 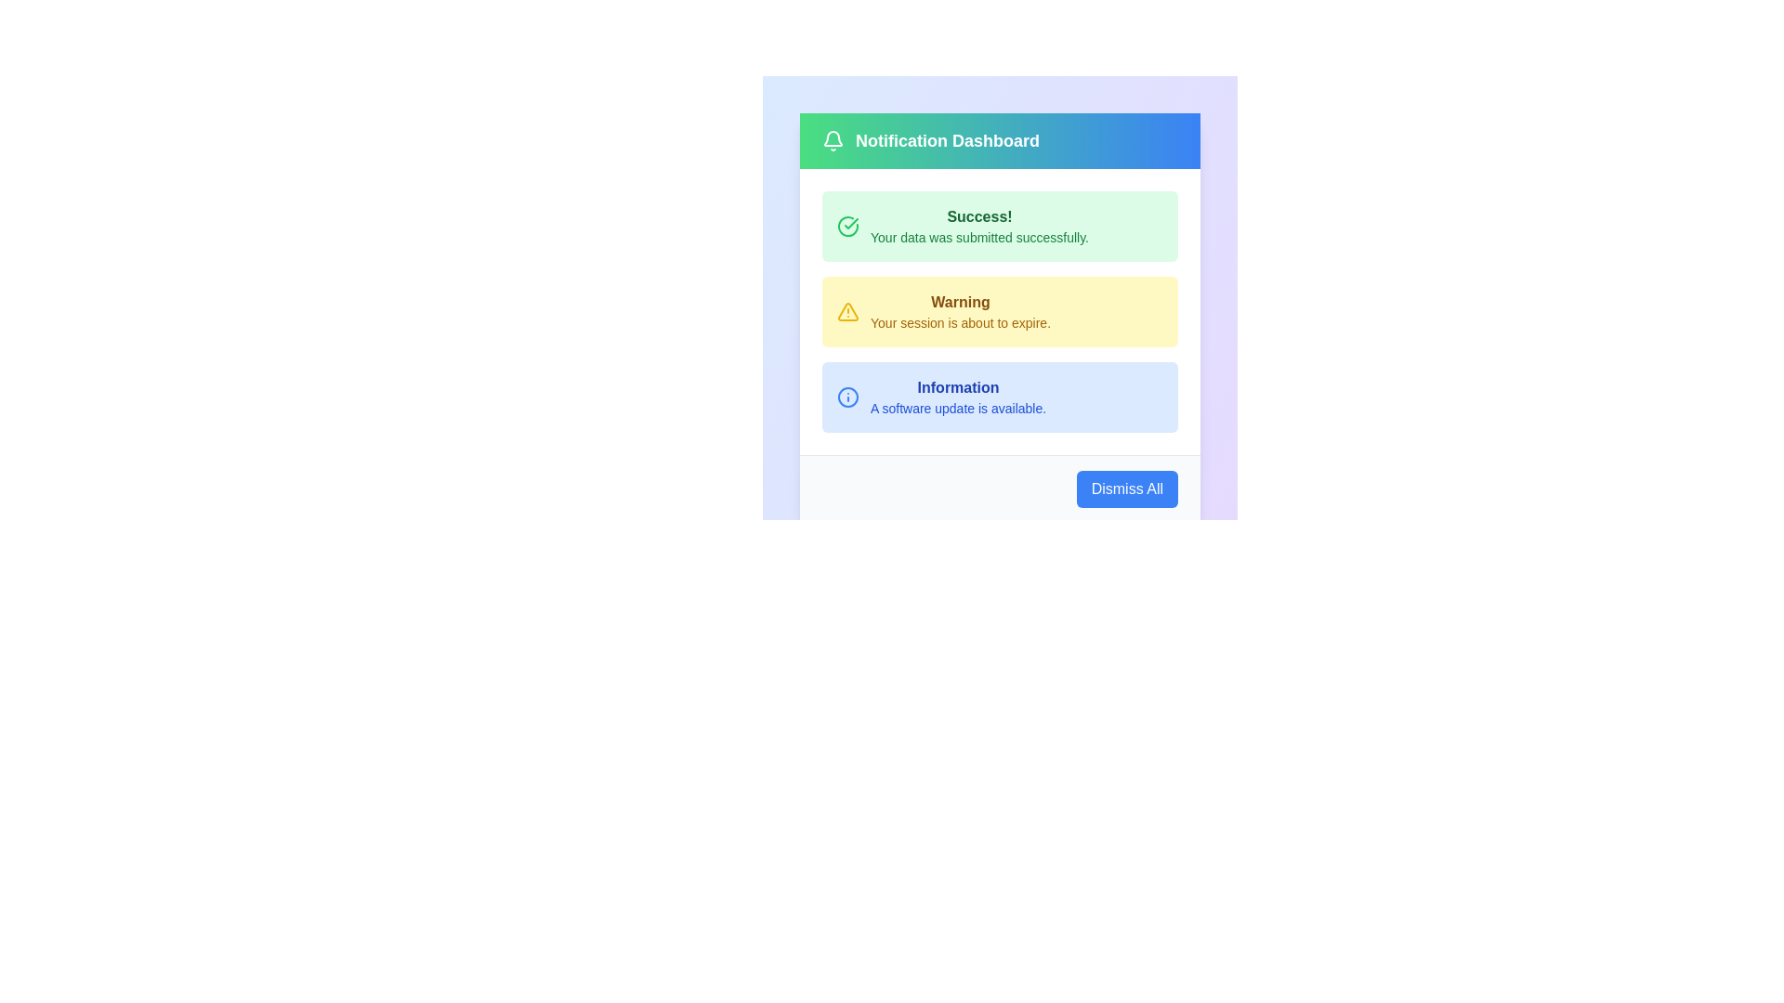 What do you see at coordinates (958, 386) in the screenshot?
I see `the static text element that serves as the title for the notification message, located at the top of its notification card` at bounding box center [958, 386].